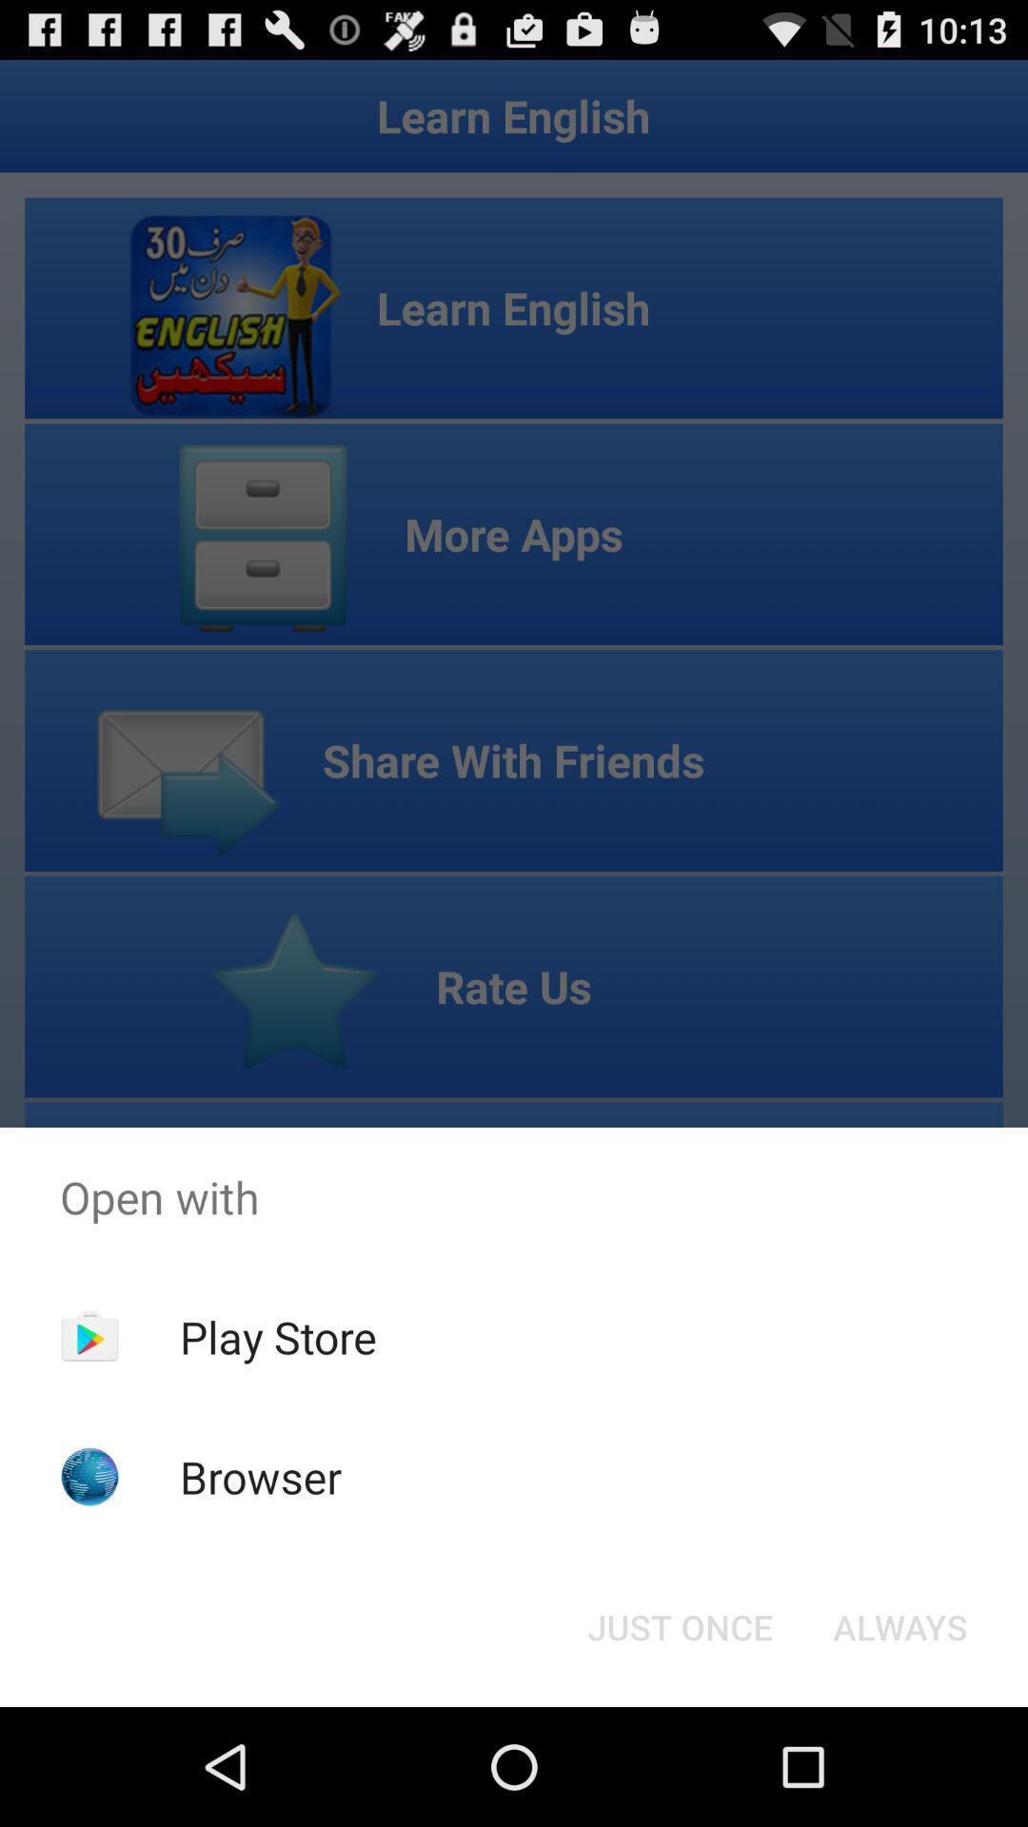 Image resolution: width=1028 pixels, height=1827 pixels. What do you see at coordinates (679, 1625) in the screenshot?
I see `button to the left of the always item` at bounding box center [679, 1625].